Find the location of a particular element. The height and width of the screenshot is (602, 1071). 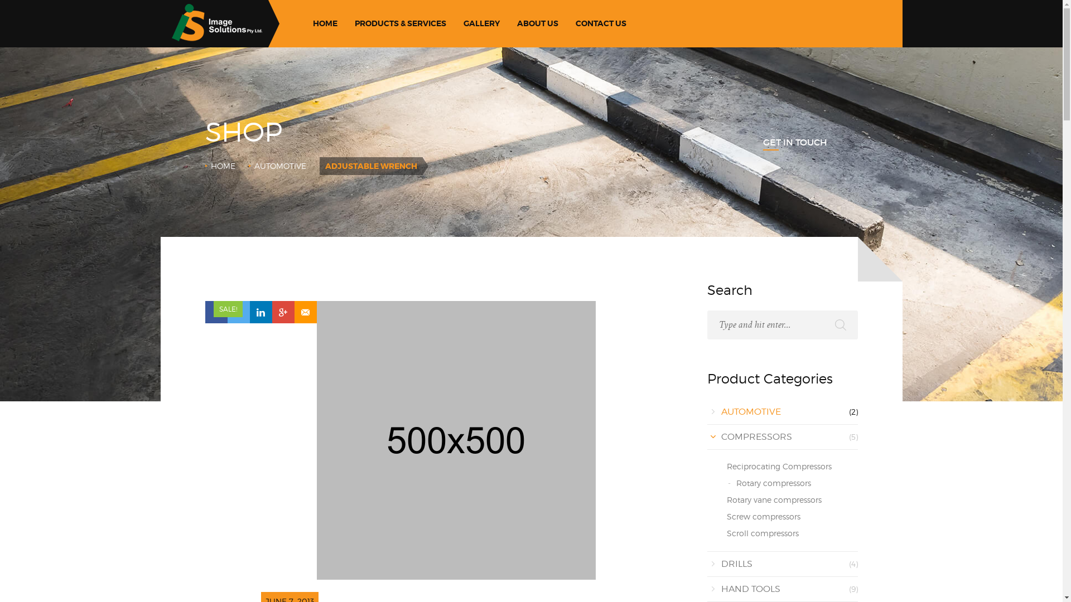

'COMPRESSORS' is located at coordinates (756, 436).